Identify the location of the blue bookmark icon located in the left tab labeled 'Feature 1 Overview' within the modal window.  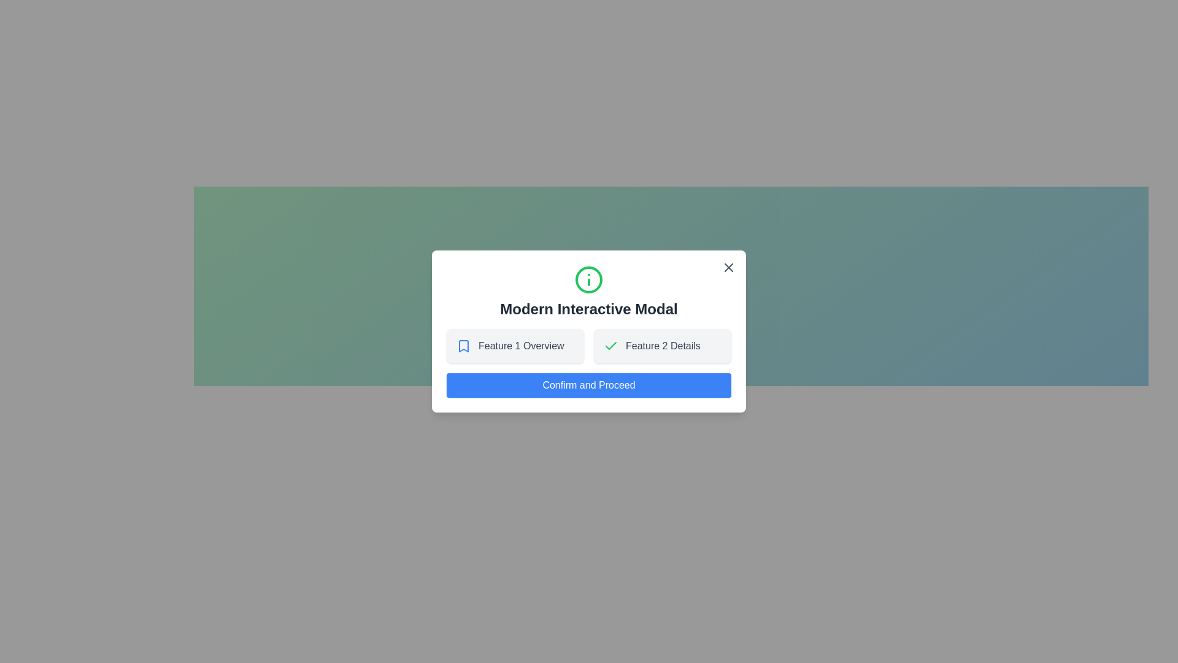
(463, 346).